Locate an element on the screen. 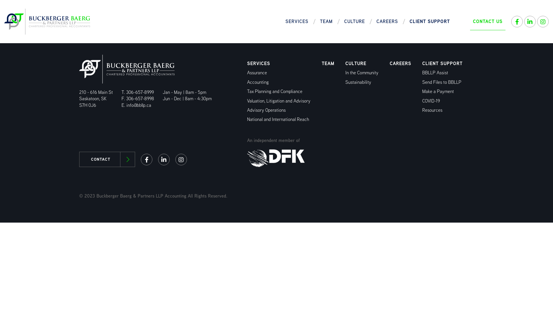 The image size is (553, 311). 'CULTURE' is located at coordinates (354, 21).